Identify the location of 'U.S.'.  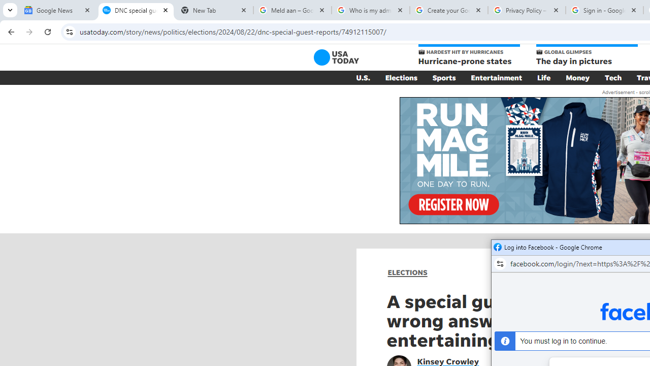
(363, 77).